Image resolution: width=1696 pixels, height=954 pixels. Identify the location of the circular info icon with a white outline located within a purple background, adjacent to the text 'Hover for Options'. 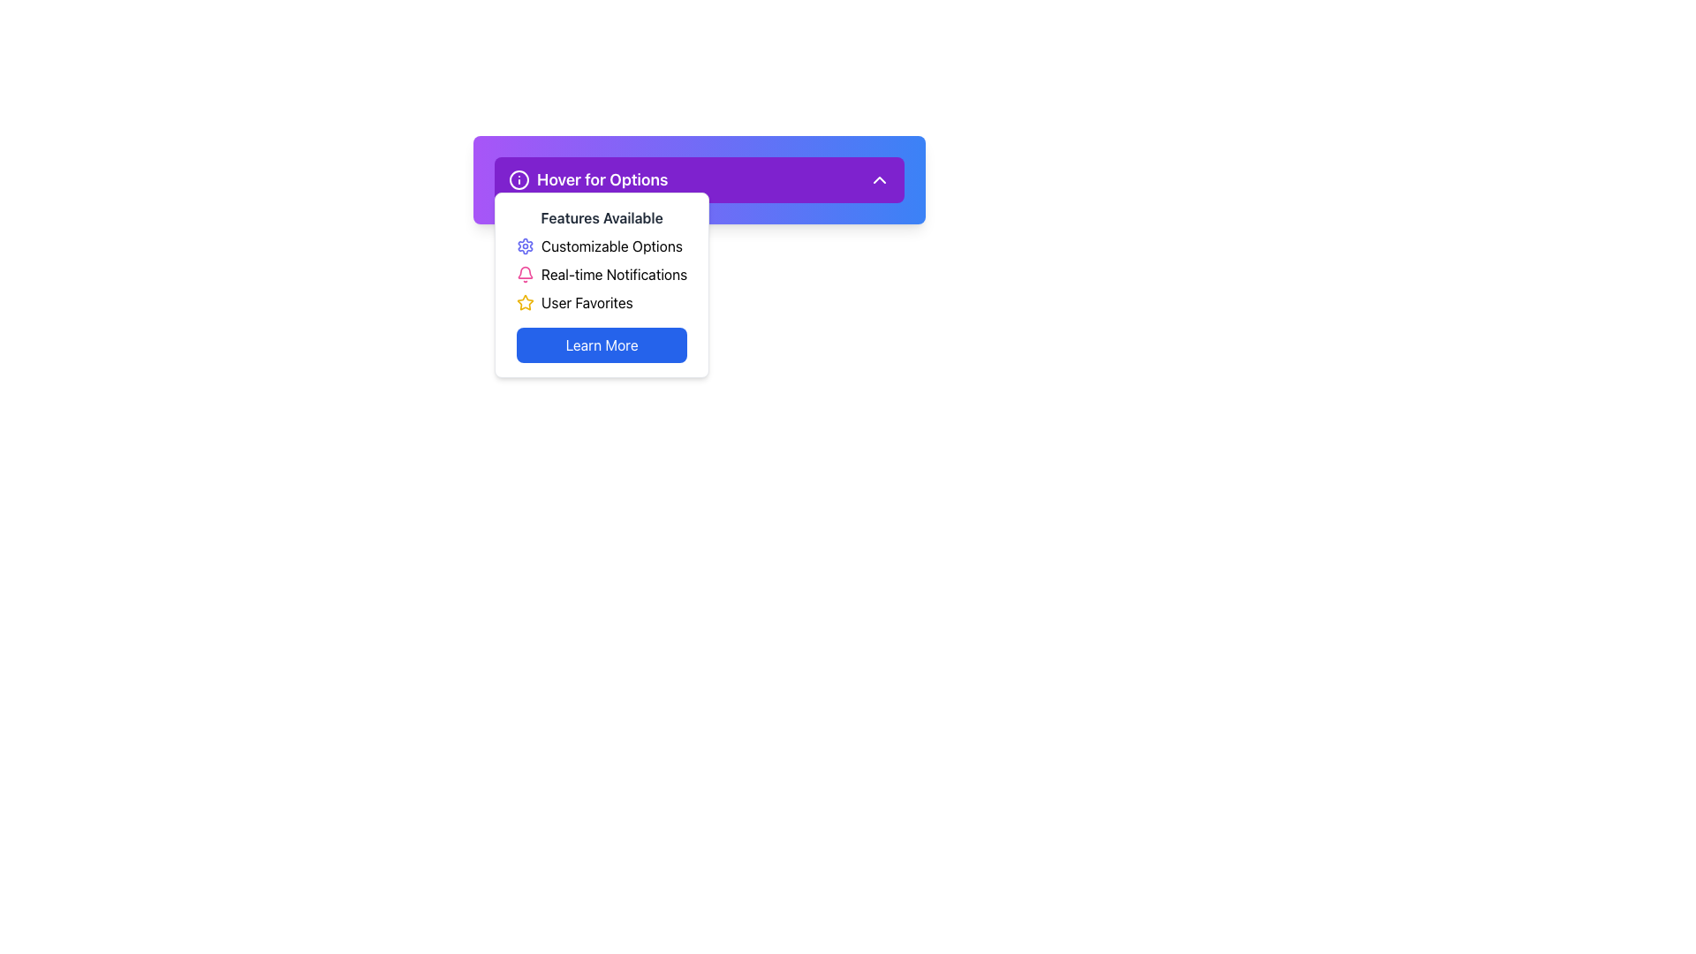
(519, 180).